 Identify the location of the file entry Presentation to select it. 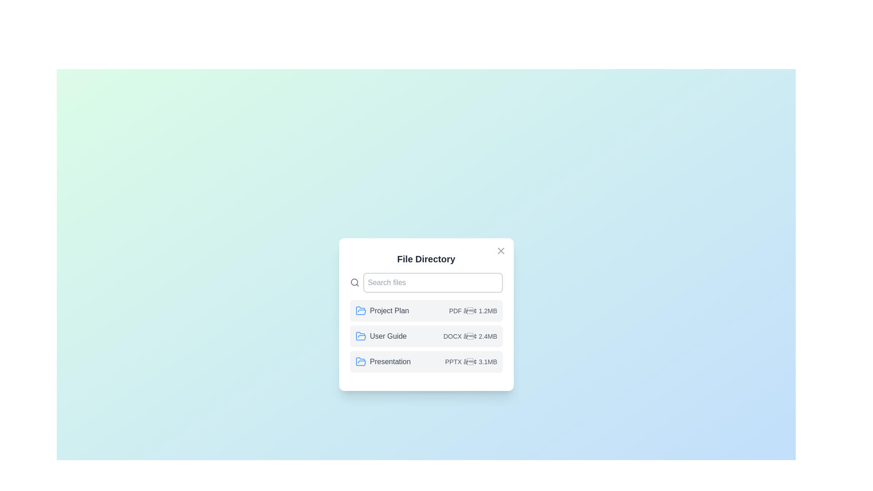
(426, 361).